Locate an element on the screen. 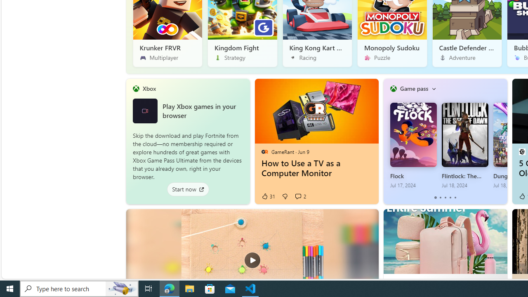  'View comments 2 Comment' is located at coordinates (297, 196).